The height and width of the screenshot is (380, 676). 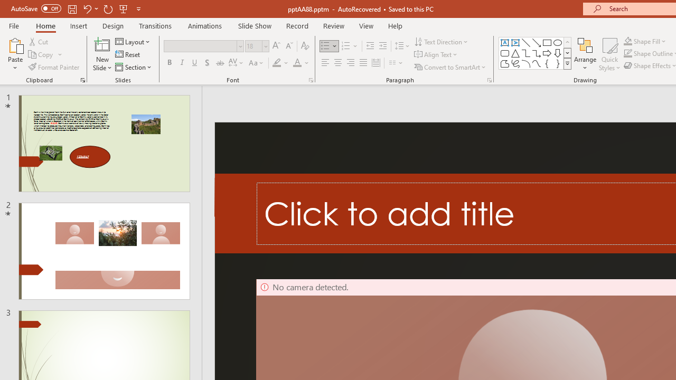 What do you see at coordinates (402, 45) in the screenshot?
I see `'Line Spacing'` at bounding box center [402, 45].